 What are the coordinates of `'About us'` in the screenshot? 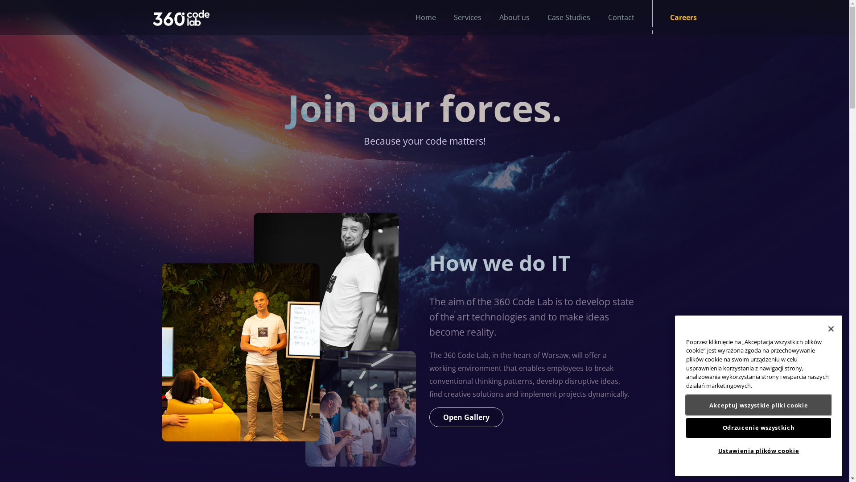 It's located at (505, 17).